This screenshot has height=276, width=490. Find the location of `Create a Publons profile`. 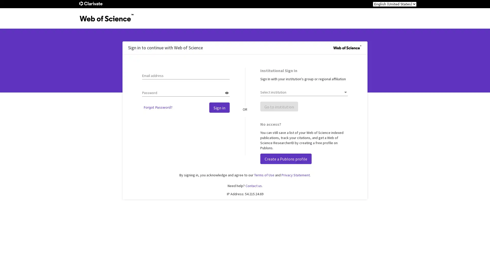

Create a Publons profile is located at coordinates (286, 158).